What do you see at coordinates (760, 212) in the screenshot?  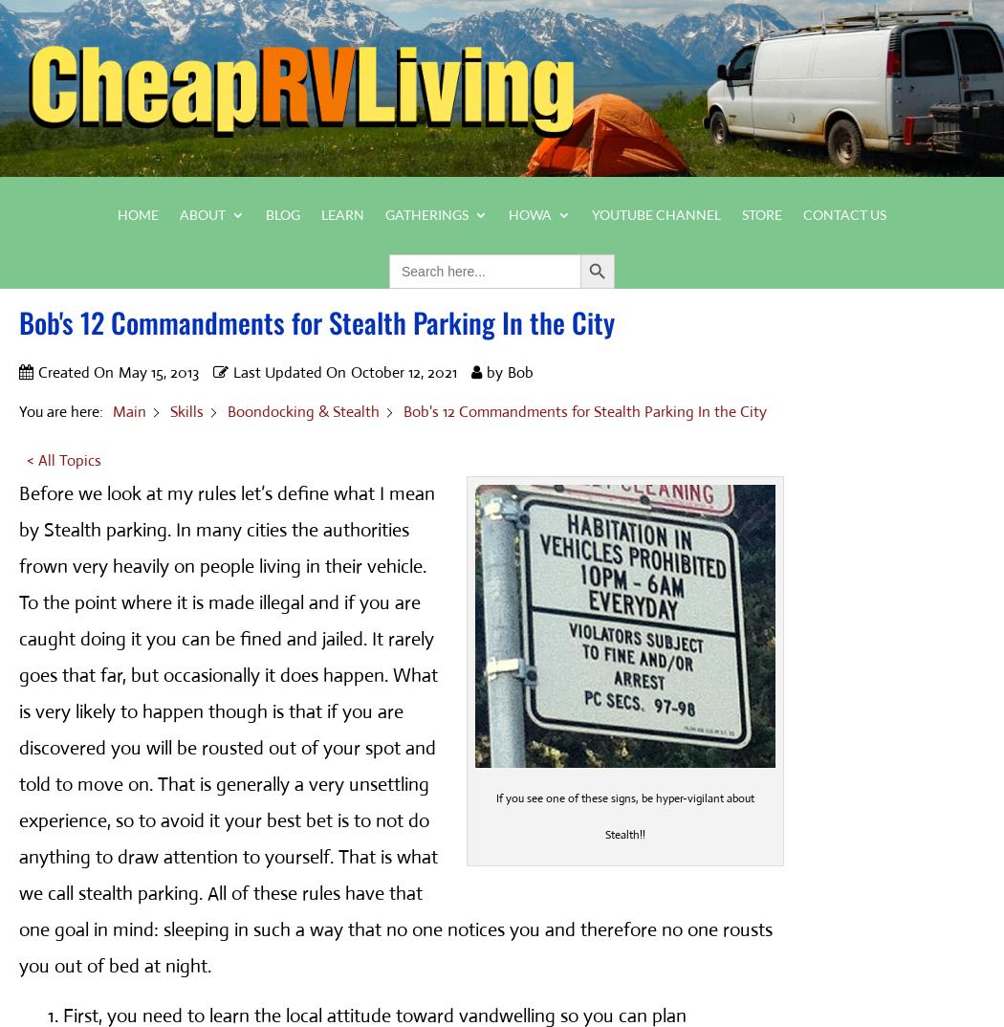 I see `'Store'` at bounding box center [760, 212].